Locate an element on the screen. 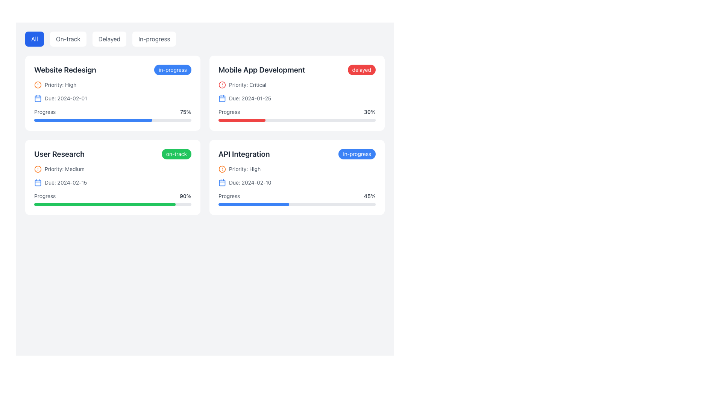 The image size is (722, 406). the Progress bar segment indicating a completion rate of 75% for the 'Website Redesign' task is located at coordinates (93, 120).